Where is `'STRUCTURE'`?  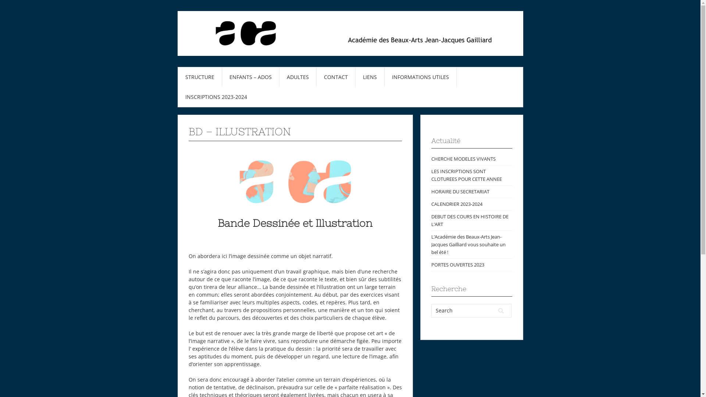
'STRUCTURE' is located at coordinates (200, 77).